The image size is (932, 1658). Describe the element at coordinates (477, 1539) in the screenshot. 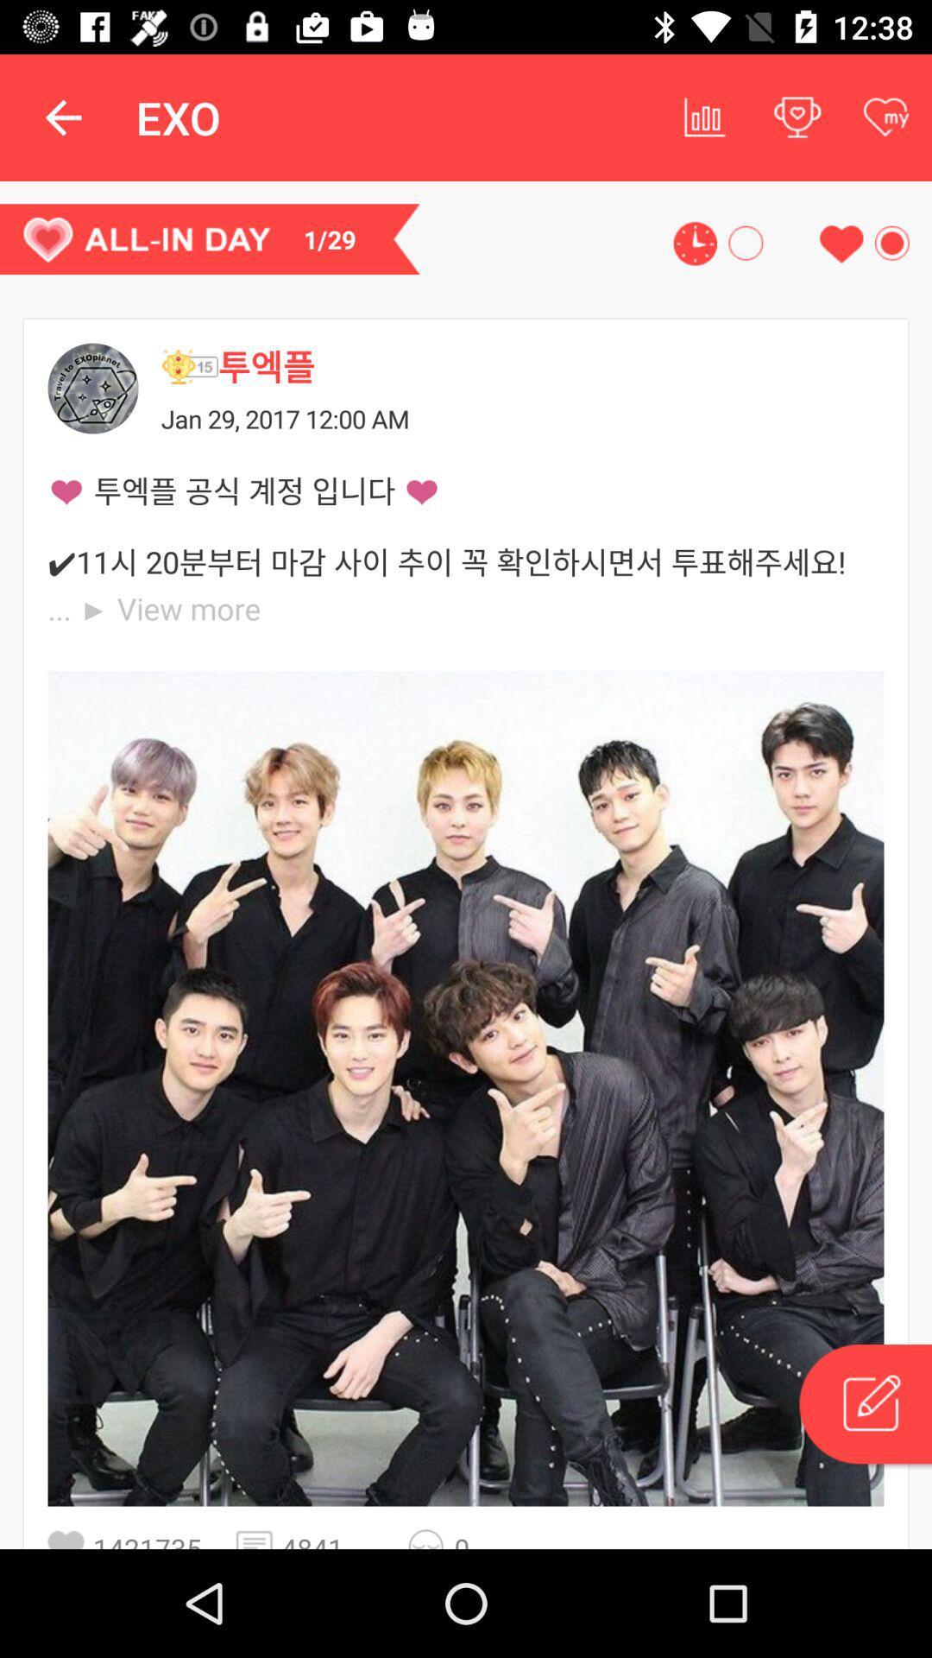

I see `the 0 icon` at that location.